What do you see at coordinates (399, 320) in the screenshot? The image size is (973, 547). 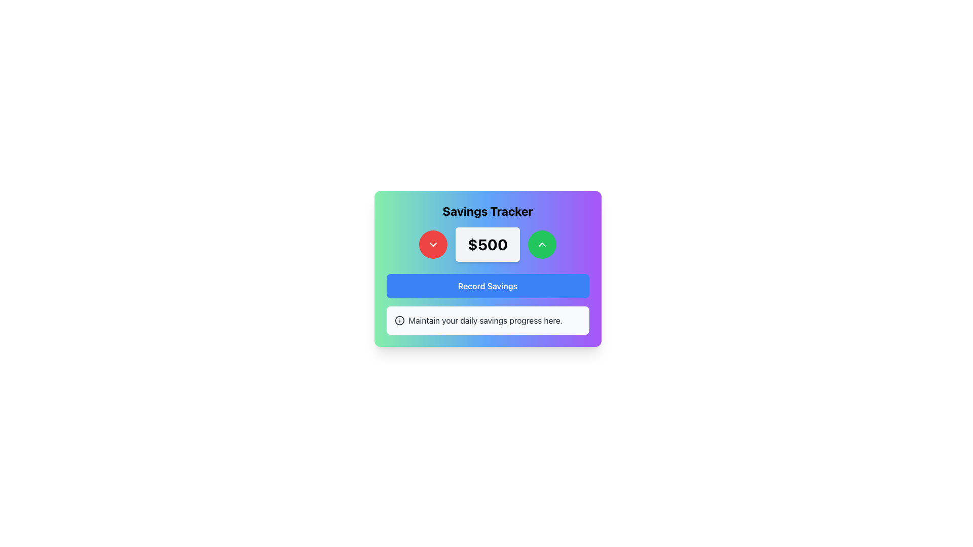 I see `the informational icon providing context to the message about maintaining savings progress, located to the left of the text 'Maintain your daily savings progress here.'` at bounding box center [399, 320].